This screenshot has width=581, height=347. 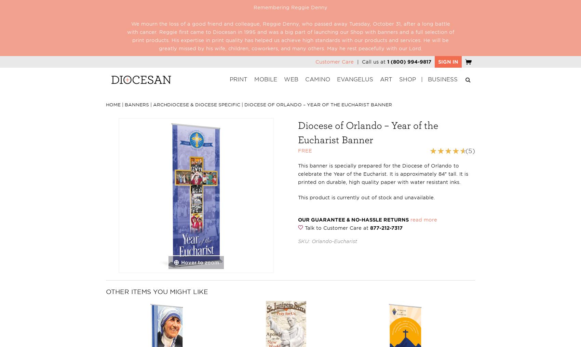 What do you see at coordinates (327, 241) in the screenshot?
I see `'SKU: Orlando-Eucharist'` at bounding box center [327, 241].